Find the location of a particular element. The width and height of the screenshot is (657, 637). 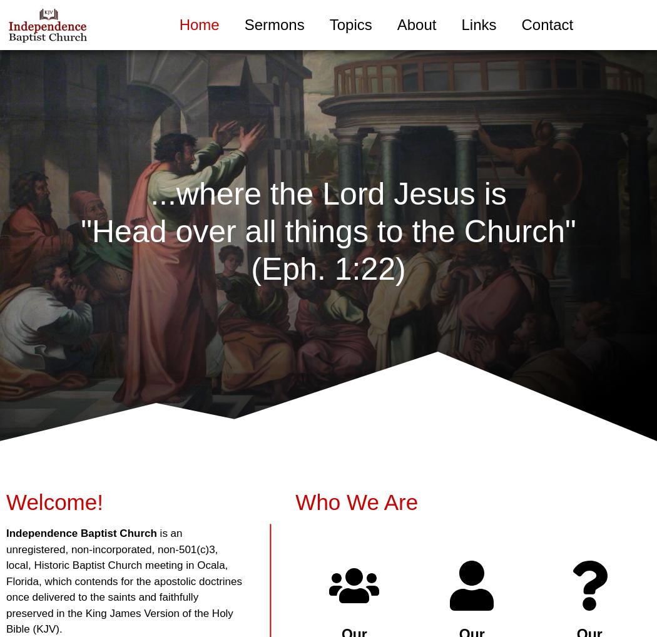

'Who We Are' is located at coordinates (356, 502).